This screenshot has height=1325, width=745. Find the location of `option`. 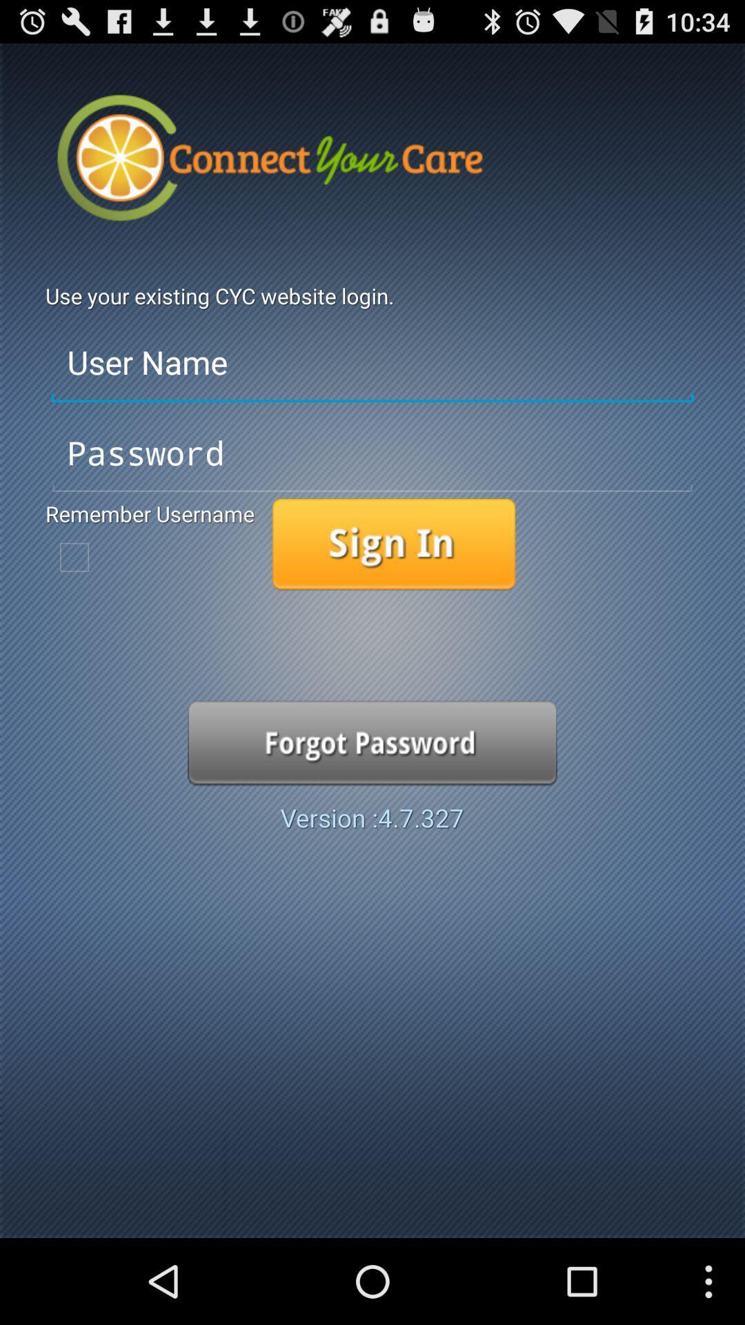

option is located at coordinates (372, 742).